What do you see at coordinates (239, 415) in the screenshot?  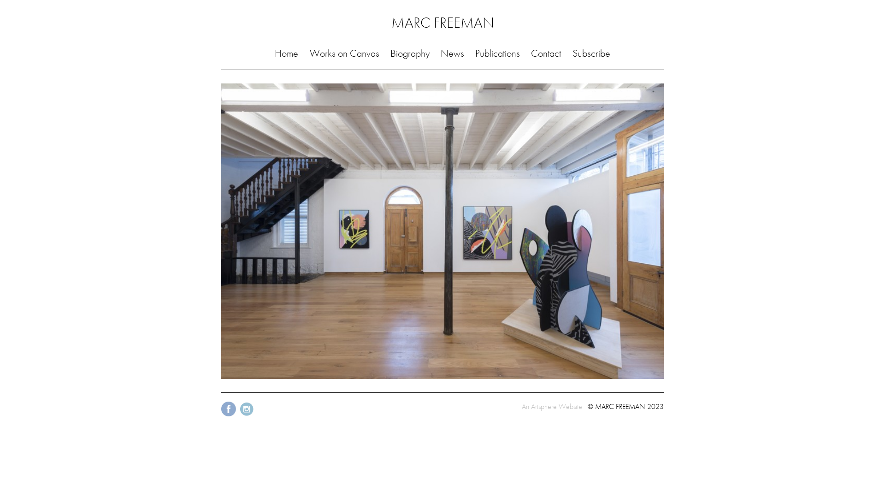 I see `'Instagram'` at bounding box center [239, 415].